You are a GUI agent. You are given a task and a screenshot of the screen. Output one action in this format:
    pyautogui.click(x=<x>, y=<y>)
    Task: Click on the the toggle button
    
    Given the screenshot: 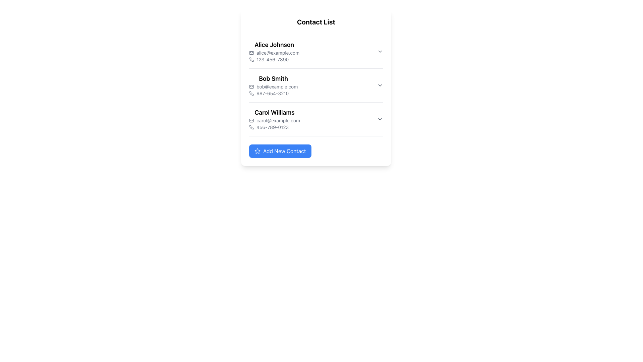 What is the action you would take?
    pyautogui.click(x=380, y=119)
    